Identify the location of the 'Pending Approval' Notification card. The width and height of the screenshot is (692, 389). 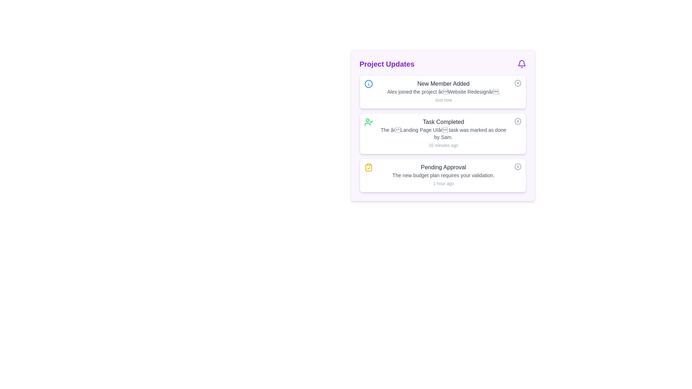
(442, 175).